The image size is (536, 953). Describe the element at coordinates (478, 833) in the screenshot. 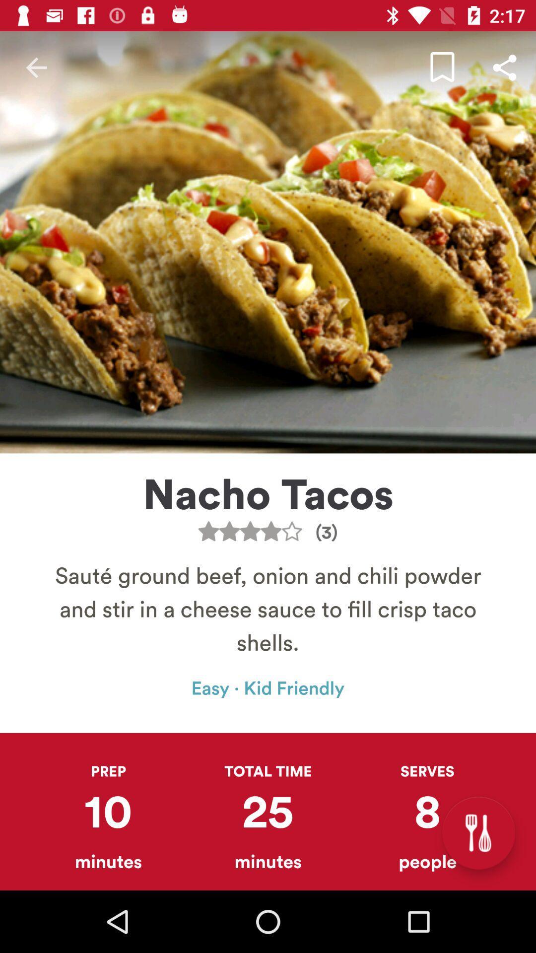

I see `the icon below the serves item` at that location.